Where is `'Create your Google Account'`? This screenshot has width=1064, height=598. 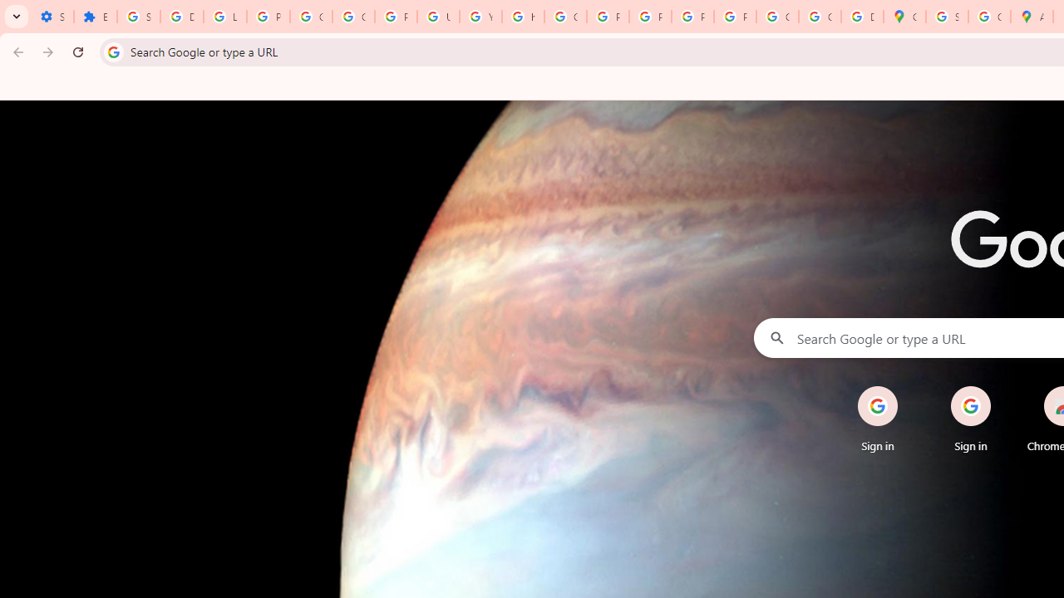 'Create your Google Account' is located at coordinates (989, 17).